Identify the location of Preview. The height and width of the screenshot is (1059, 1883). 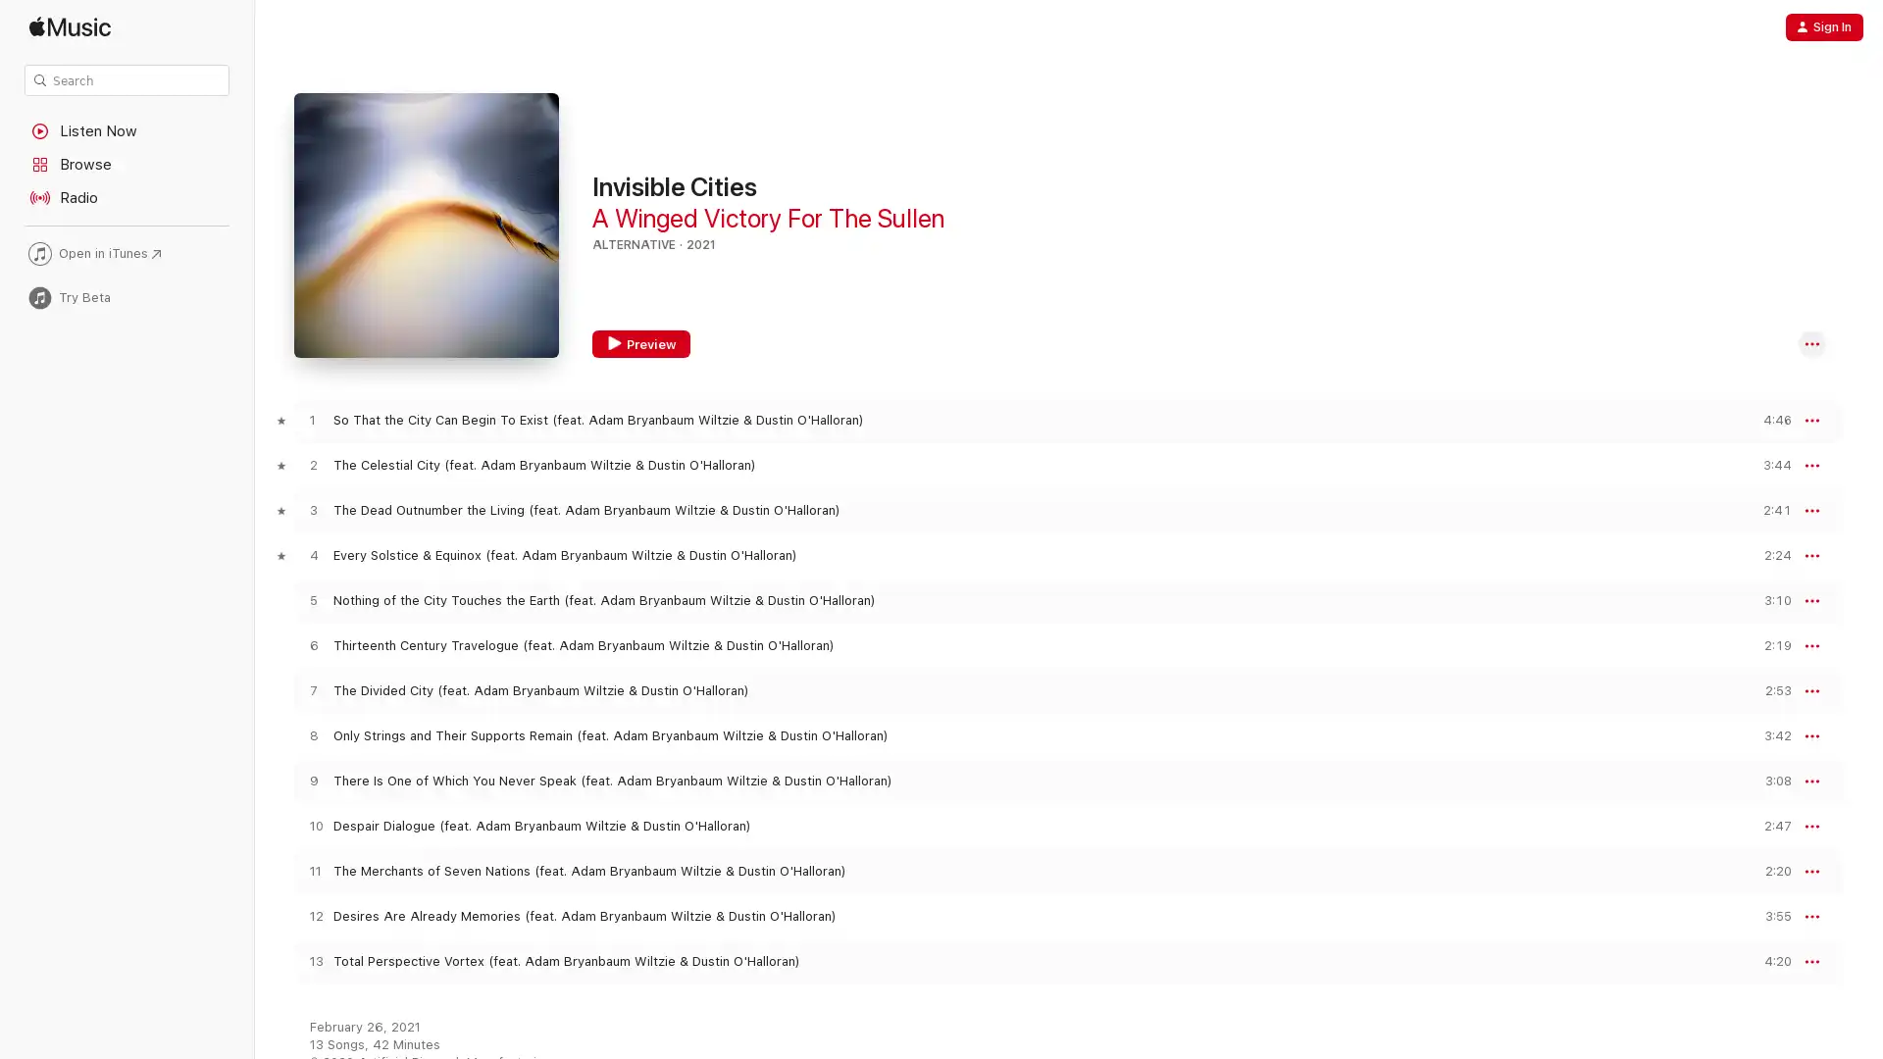
(1769, 916).